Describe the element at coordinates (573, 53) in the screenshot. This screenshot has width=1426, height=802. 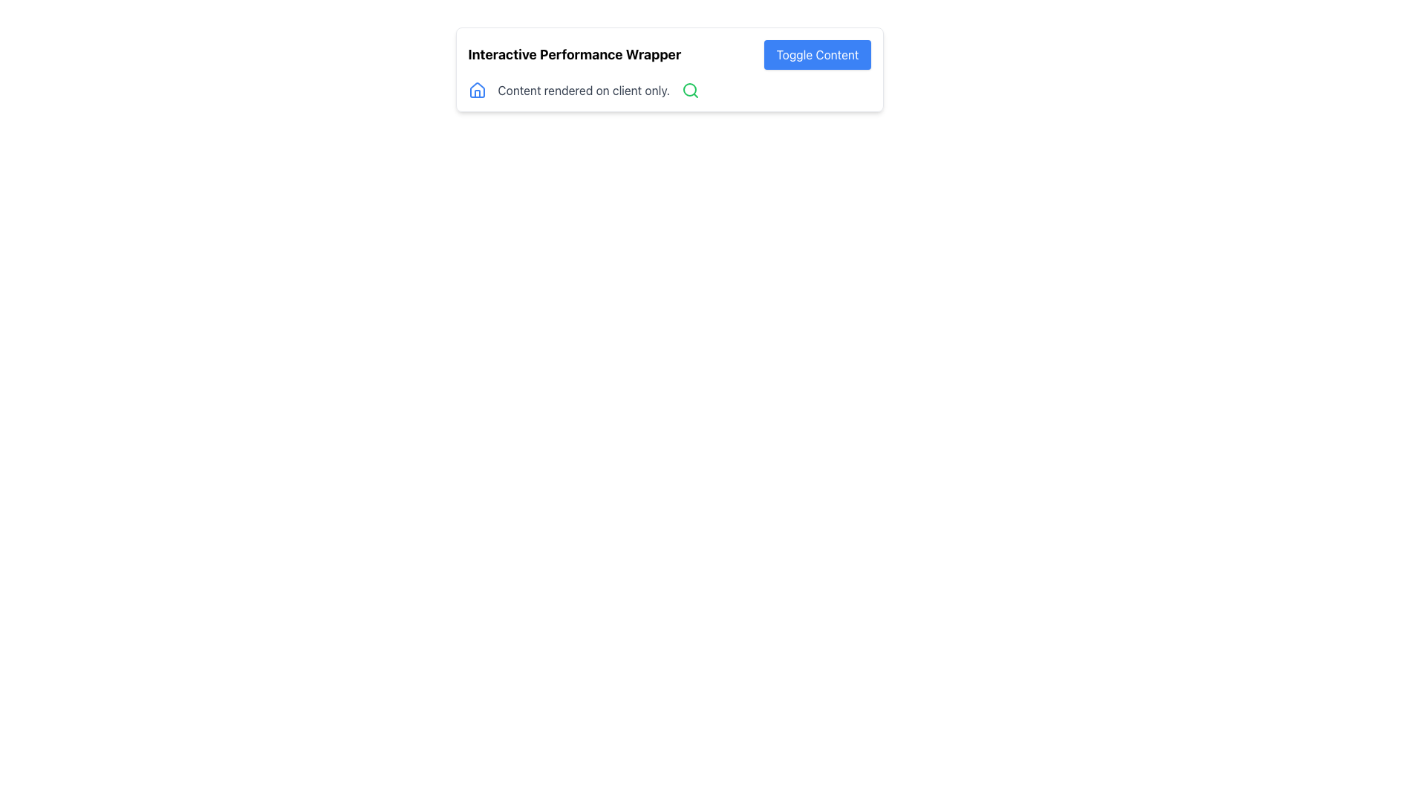
I see `the Text Label displaying 'Interactive Performance Wrapper', which is styled with a bold font and serves as a header in the upper left section of the interface` at that location.